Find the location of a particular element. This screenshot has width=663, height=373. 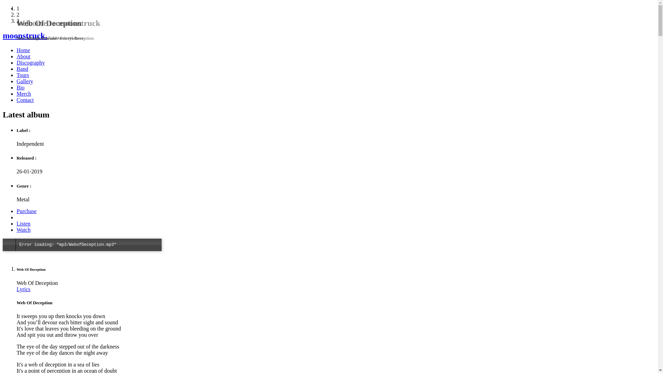

'3' is located at coordinates (18, 20).